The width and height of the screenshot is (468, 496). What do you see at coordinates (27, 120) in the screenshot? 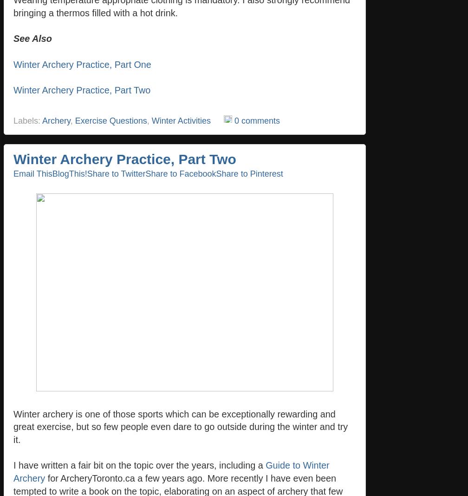
I see `'Labels:'` at bounding box center [27, 120].